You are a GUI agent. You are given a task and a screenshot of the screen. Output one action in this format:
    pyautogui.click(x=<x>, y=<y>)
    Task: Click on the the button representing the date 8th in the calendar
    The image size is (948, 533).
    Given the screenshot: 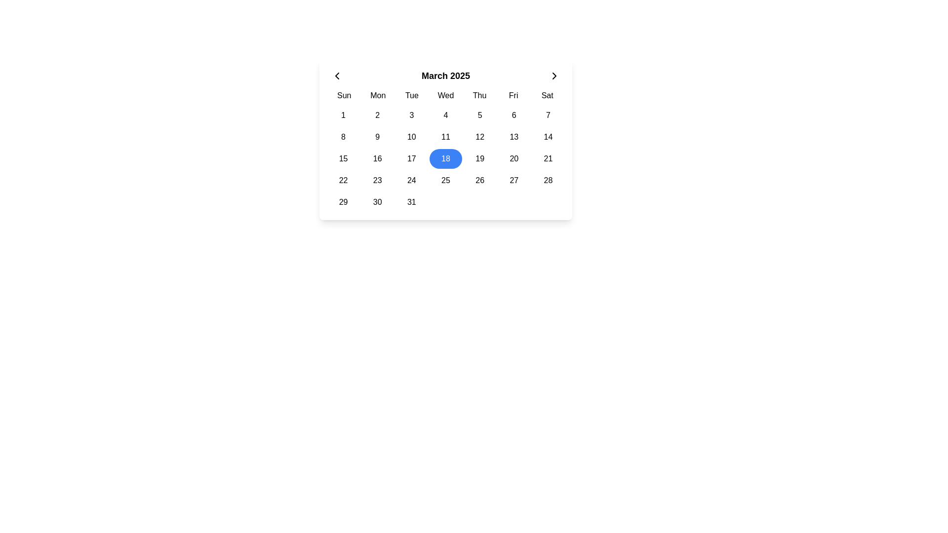 What is the action you would take?
    pyautogui.click(x=343, y=137)
    